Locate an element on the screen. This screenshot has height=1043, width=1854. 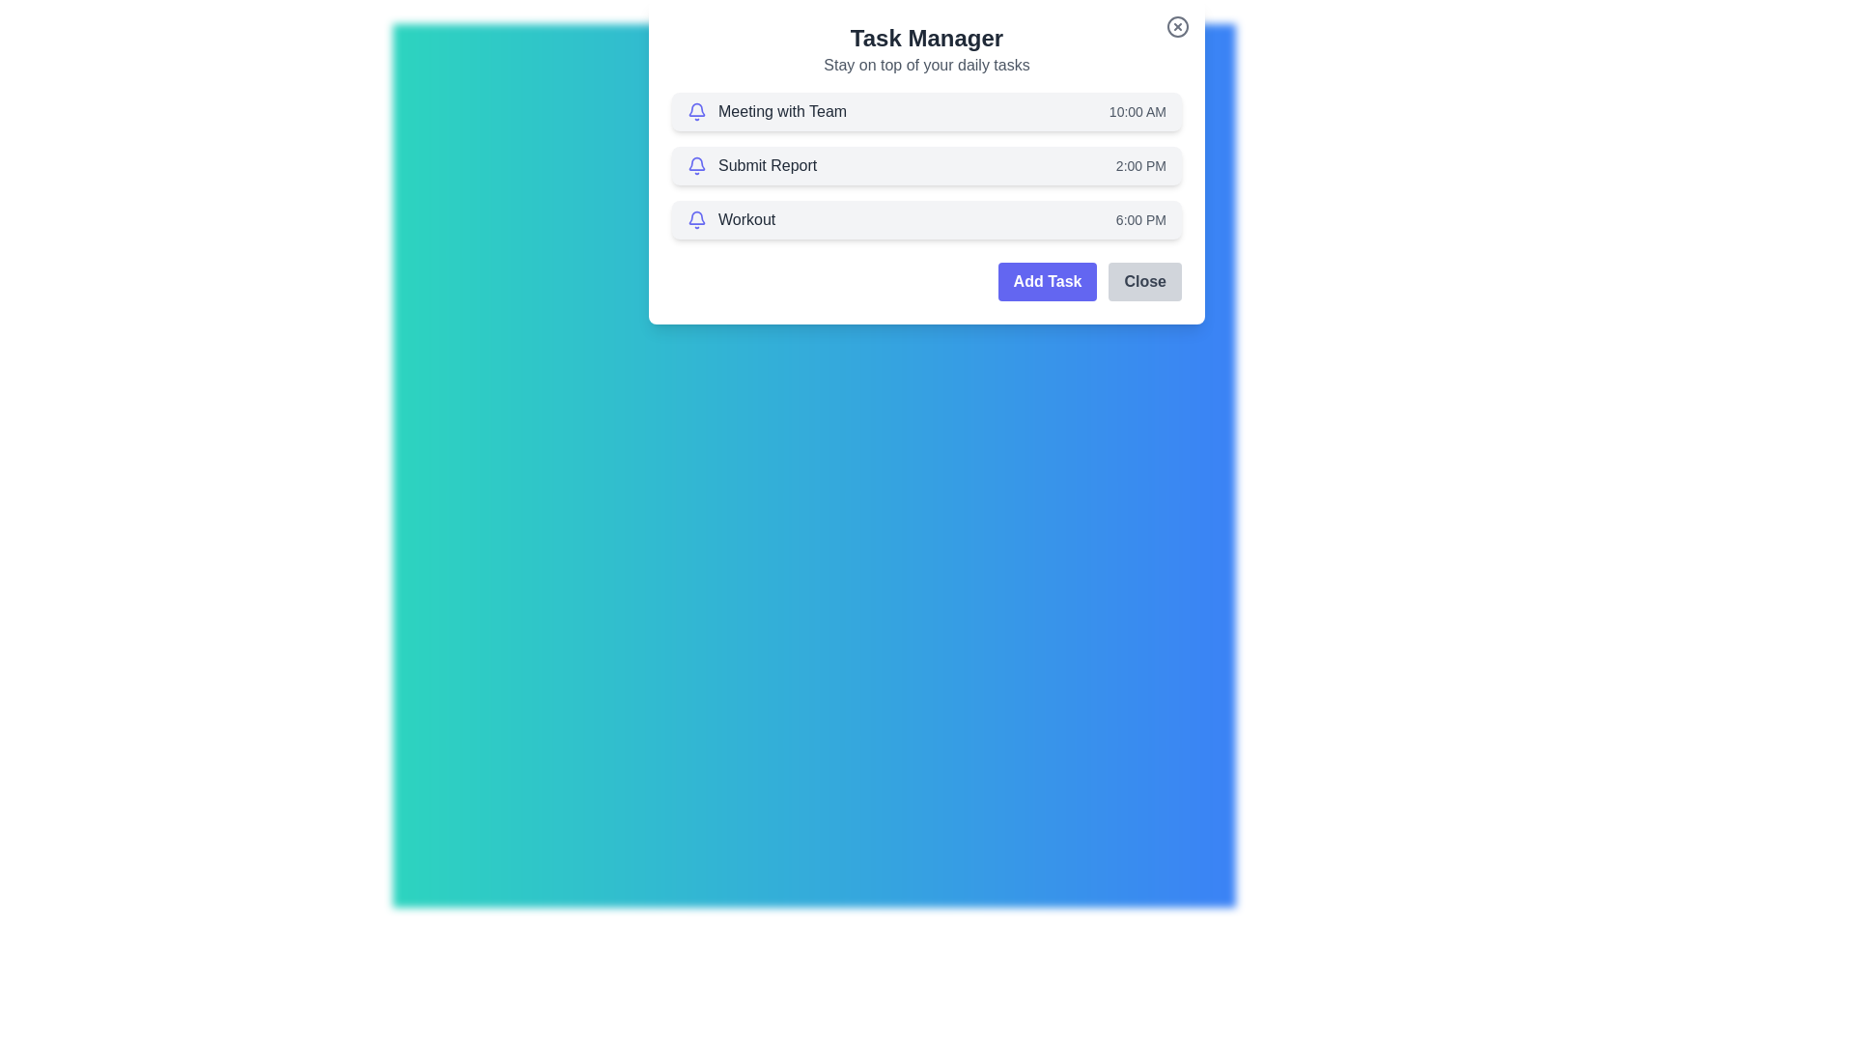
the task entry labeled 'Submit Report' is located at coordinates (751, 165).